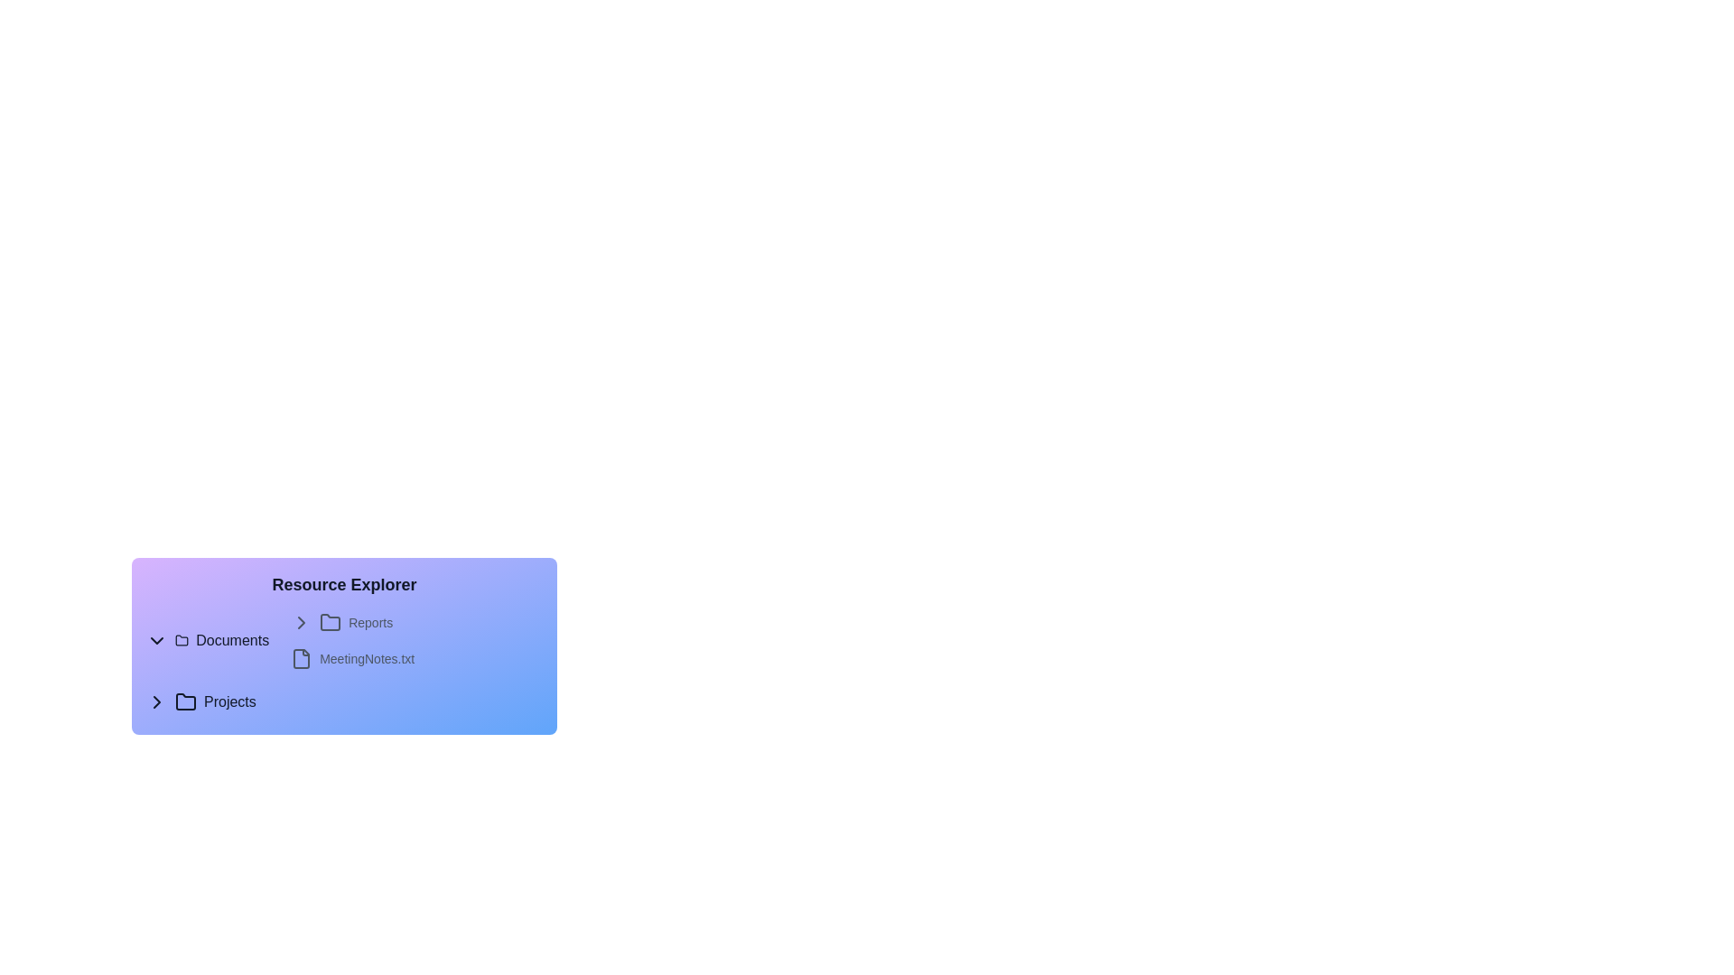 This screenshot has height=975, width=1734. I want to click on the Text Label that serves as a header or description for the items listed in the 'Resource Explorer' interface, located below the title 'Resource Explorer', so click(344, 658).